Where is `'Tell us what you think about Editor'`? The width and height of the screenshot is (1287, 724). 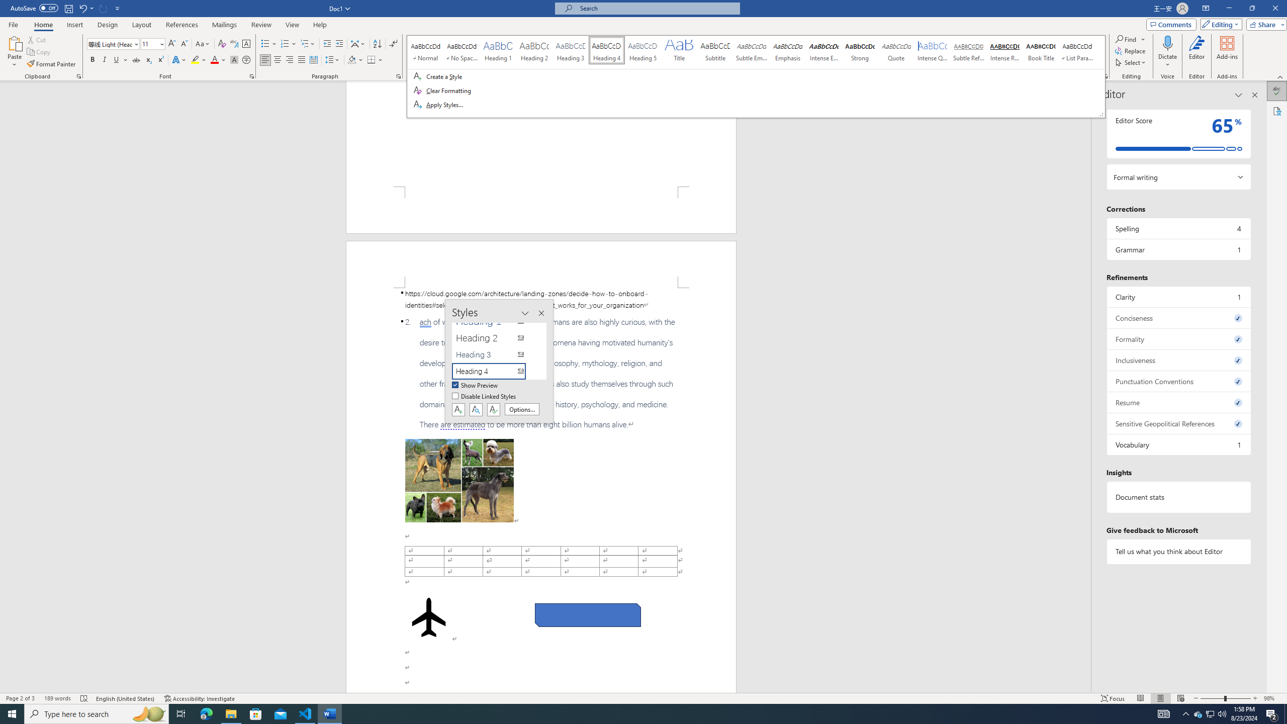
'Tell us what you think about Editor' is located at coordinates (1178, 551).